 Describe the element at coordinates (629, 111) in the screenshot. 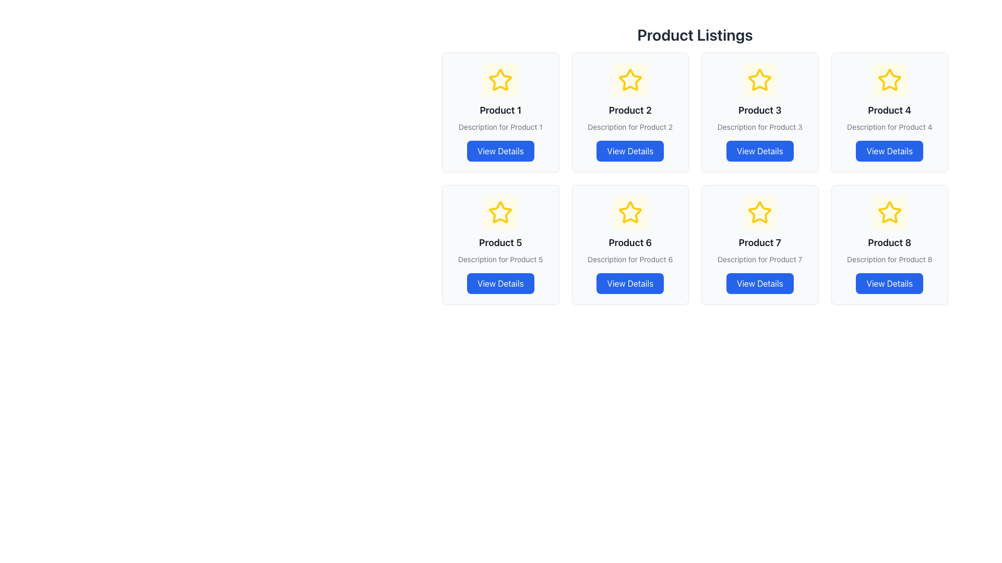

I see `text element displaying 'Product 2' in a bold and large font, styled with dark gray color, located in the second column of the first row of the product card layout` at that location.